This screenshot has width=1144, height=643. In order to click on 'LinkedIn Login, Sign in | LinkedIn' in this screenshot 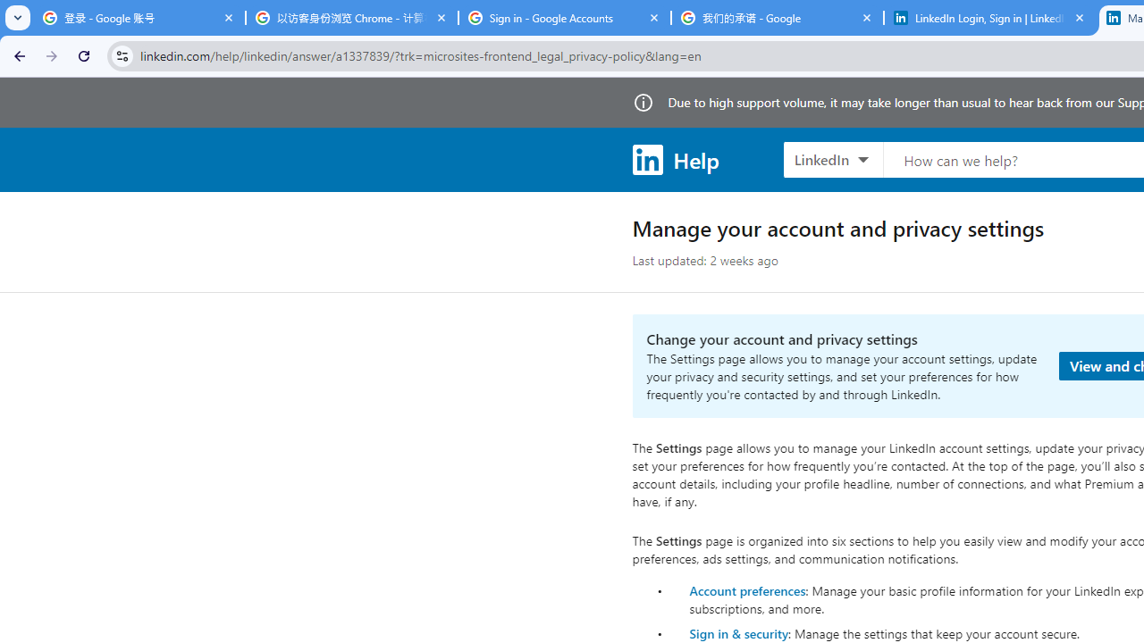, I will do `click(989, 18)`.